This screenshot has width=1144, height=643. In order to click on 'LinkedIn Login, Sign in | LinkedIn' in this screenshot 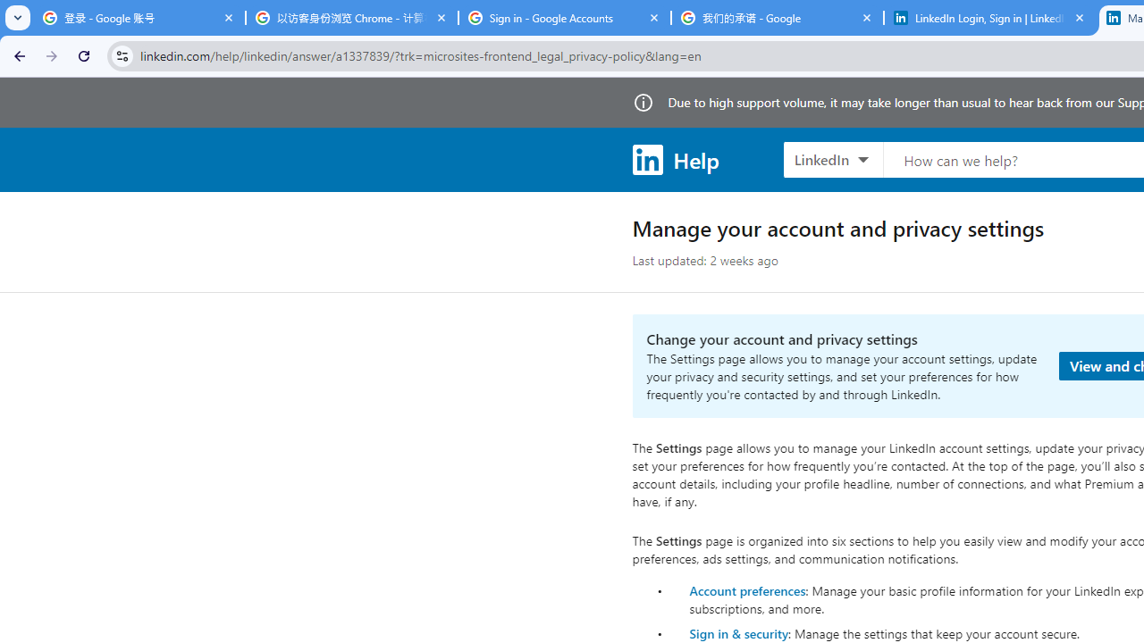, I will do `click(989, 18)`.